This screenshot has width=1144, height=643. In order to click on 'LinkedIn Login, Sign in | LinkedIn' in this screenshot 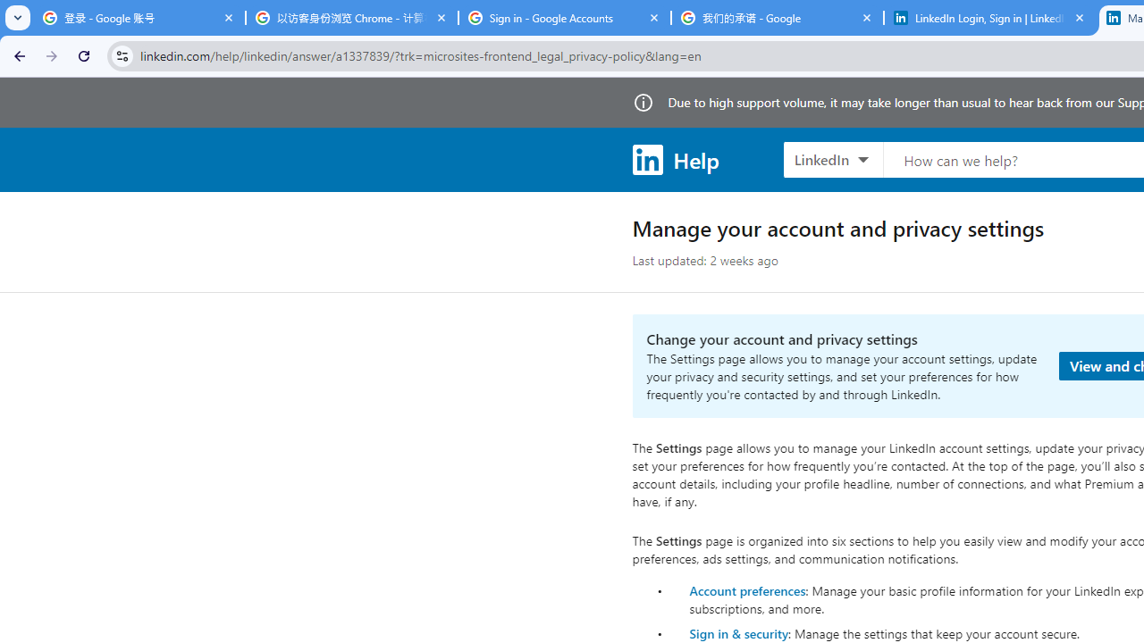, I will do `click(989, 18)`.